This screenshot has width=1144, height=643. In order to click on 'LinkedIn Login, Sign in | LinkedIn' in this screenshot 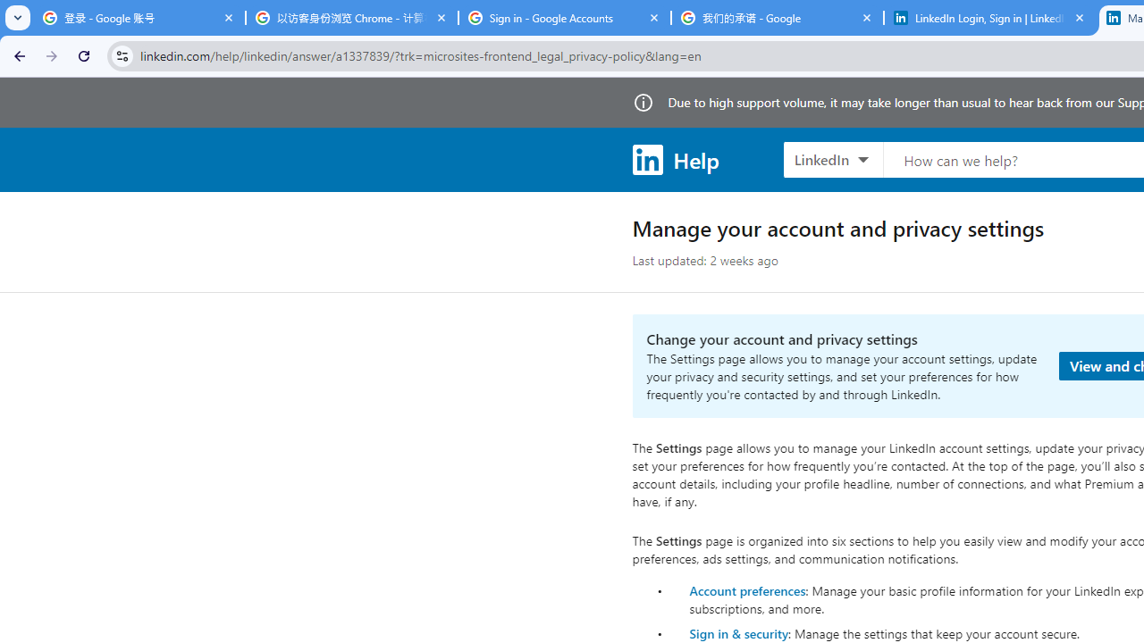, I will do `click(989, 18)`.